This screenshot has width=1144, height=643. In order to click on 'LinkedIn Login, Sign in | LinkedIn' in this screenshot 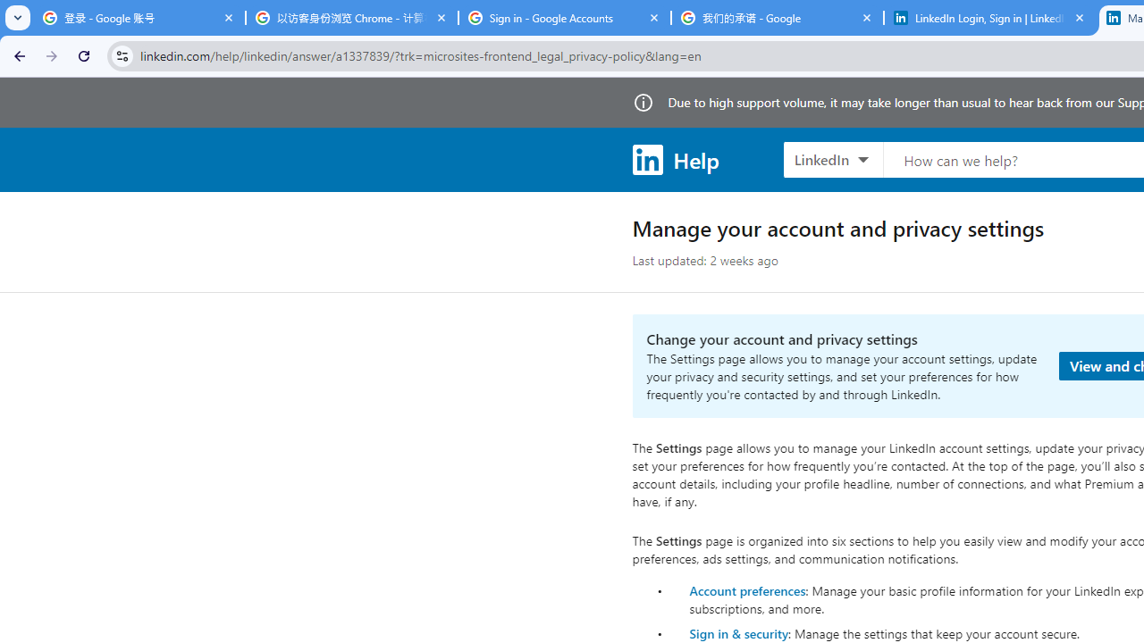, I will do `click(989, 18)`.